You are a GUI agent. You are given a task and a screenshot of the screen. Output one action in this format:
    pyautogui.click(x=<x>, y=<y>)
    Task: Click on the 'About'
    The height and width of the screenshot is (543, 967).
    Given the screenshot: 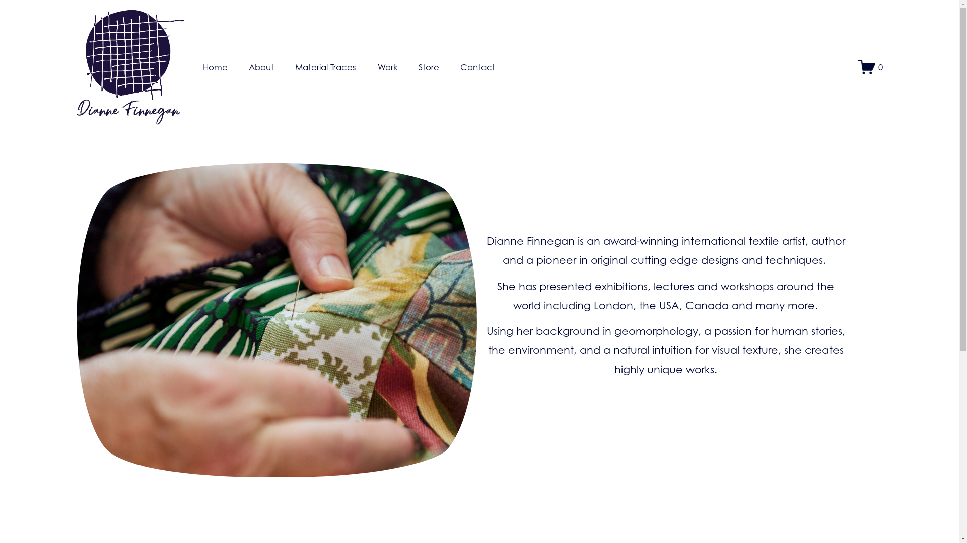 What is the action you would take?
    pyautogui.click(x=249, y=67)
    